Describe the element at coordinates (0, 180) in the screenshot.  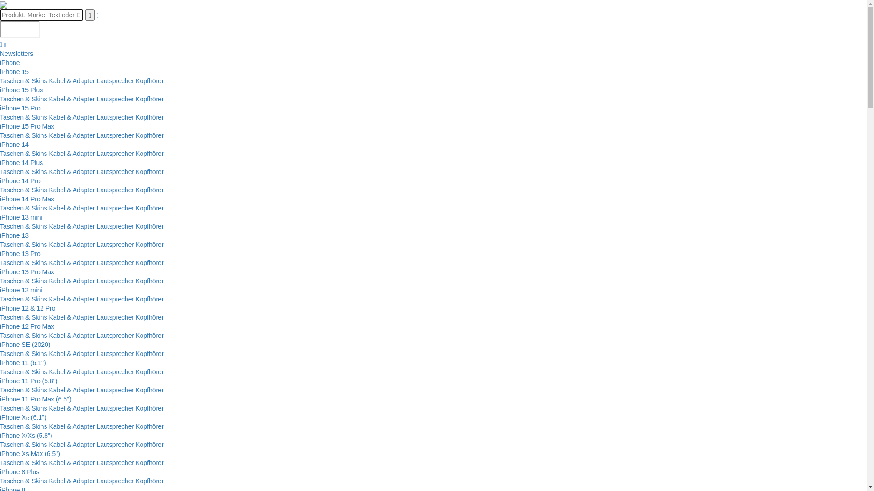
I see `'iPhone 14 Pro'` at that location.